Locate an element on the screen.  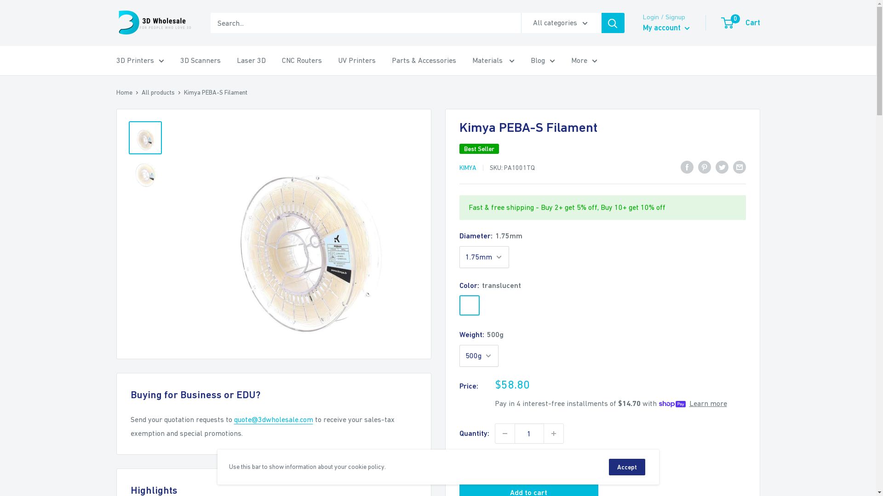
'Decrease quantity by 1' is located at coordinates (504, 434).